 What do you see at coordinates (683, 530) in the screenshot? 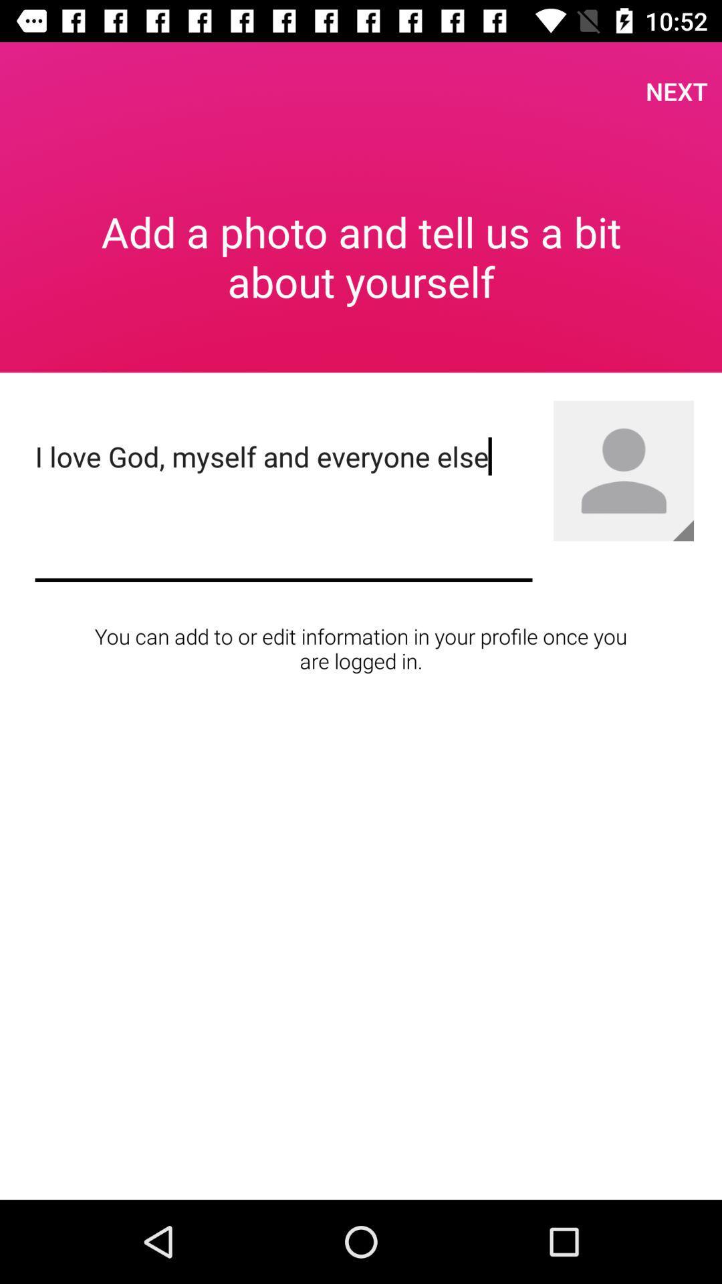
I see `a photo` at bounding box center [683, 530].